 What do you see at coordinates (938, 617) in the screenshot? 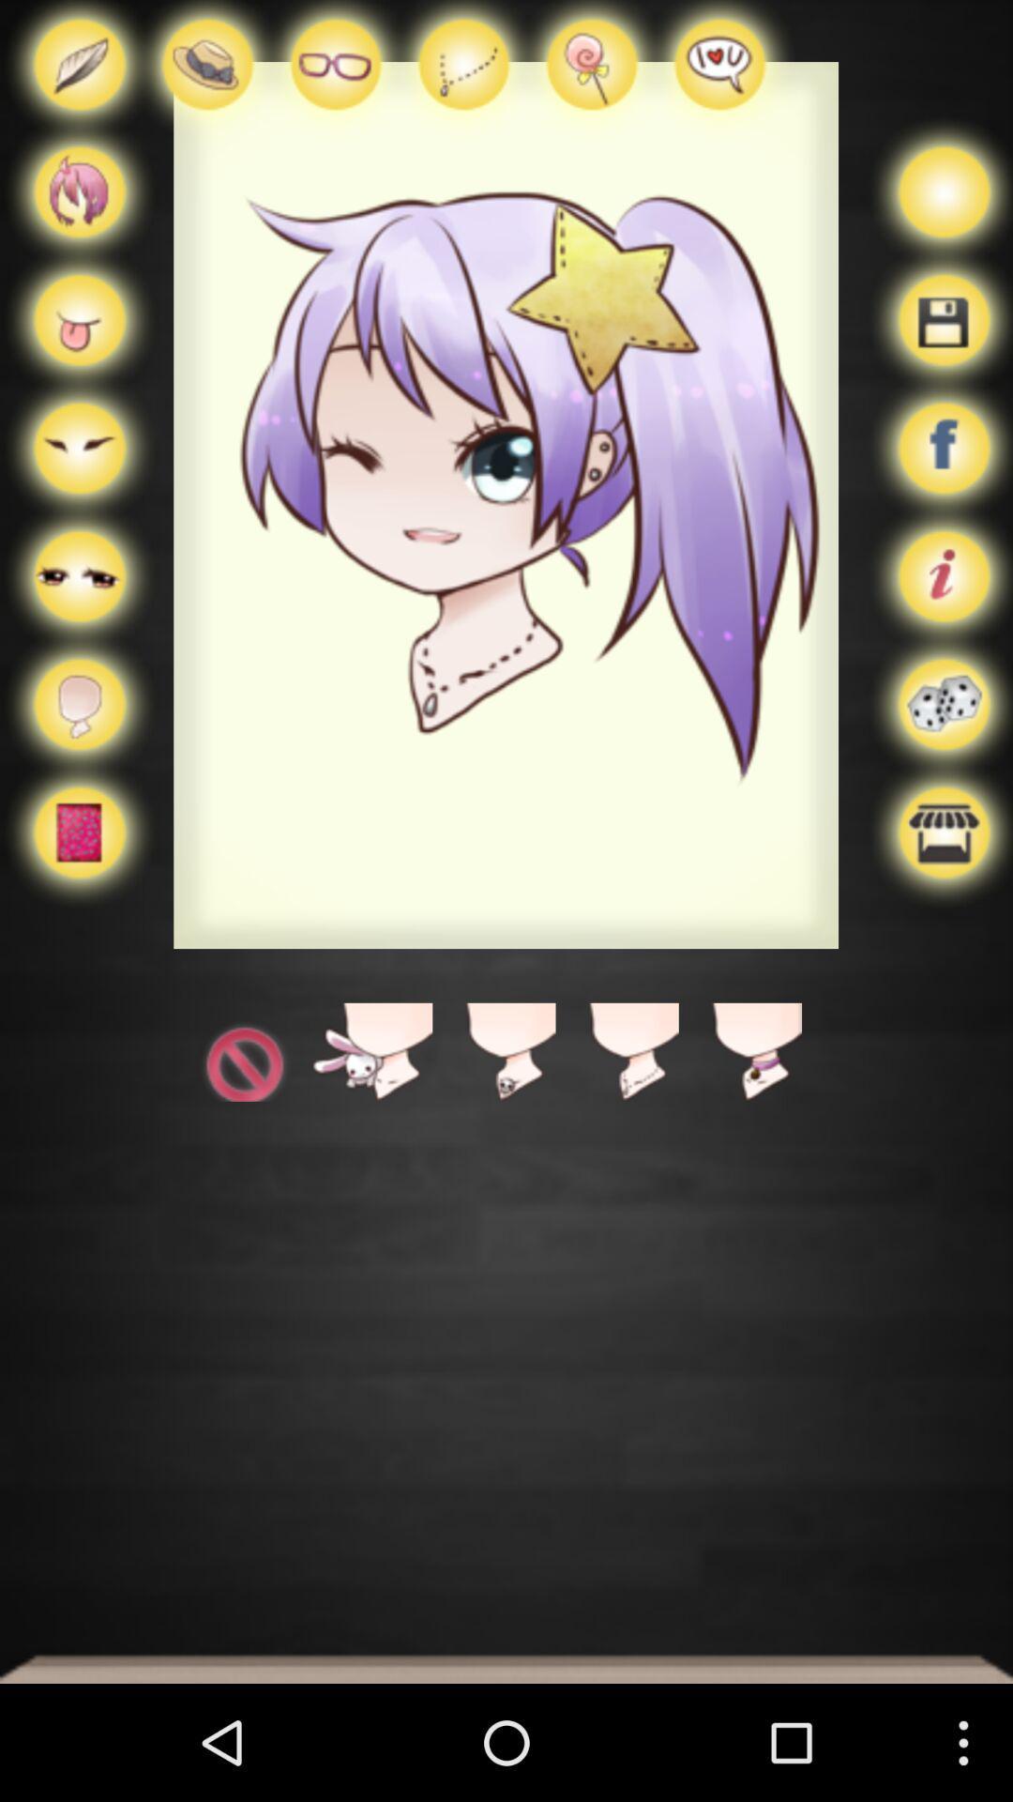
I see `the info icon` at bounding box center [938, 617].